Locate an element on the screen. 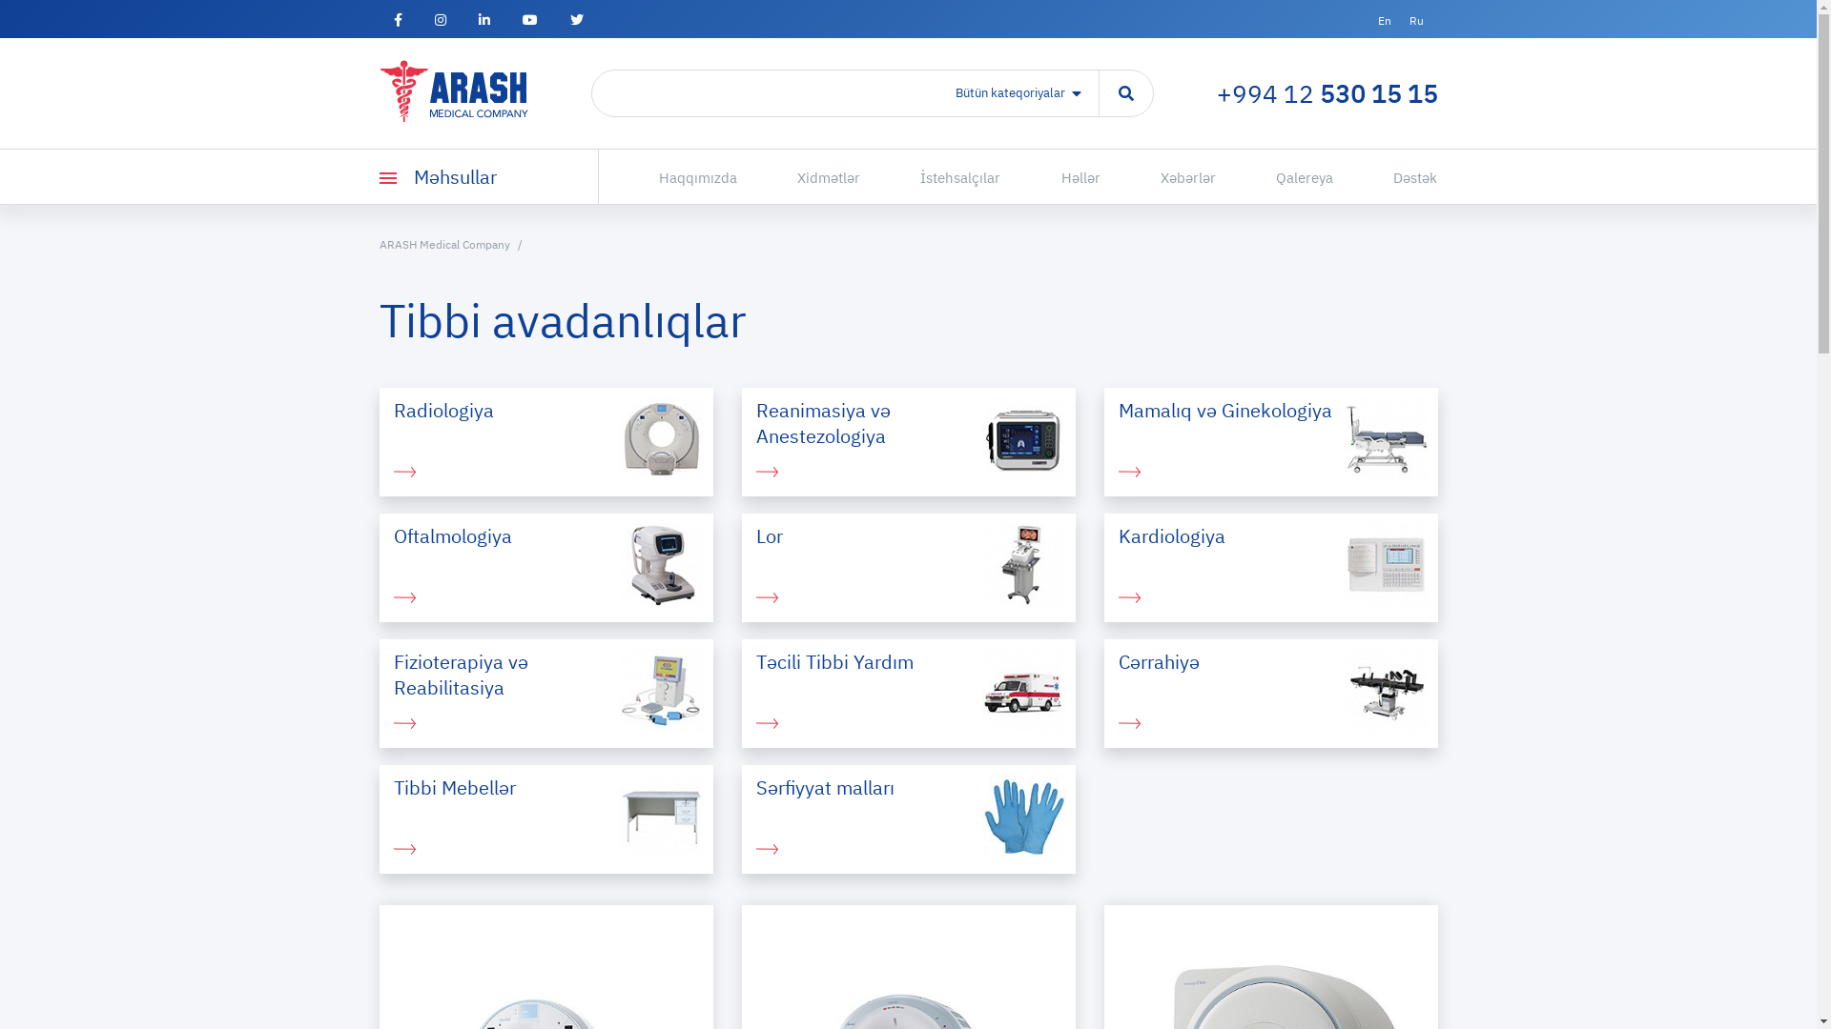 The width and height of the screenshot is (1831, 1029). 'Qalereya' is located at coordinates (1276, 177).